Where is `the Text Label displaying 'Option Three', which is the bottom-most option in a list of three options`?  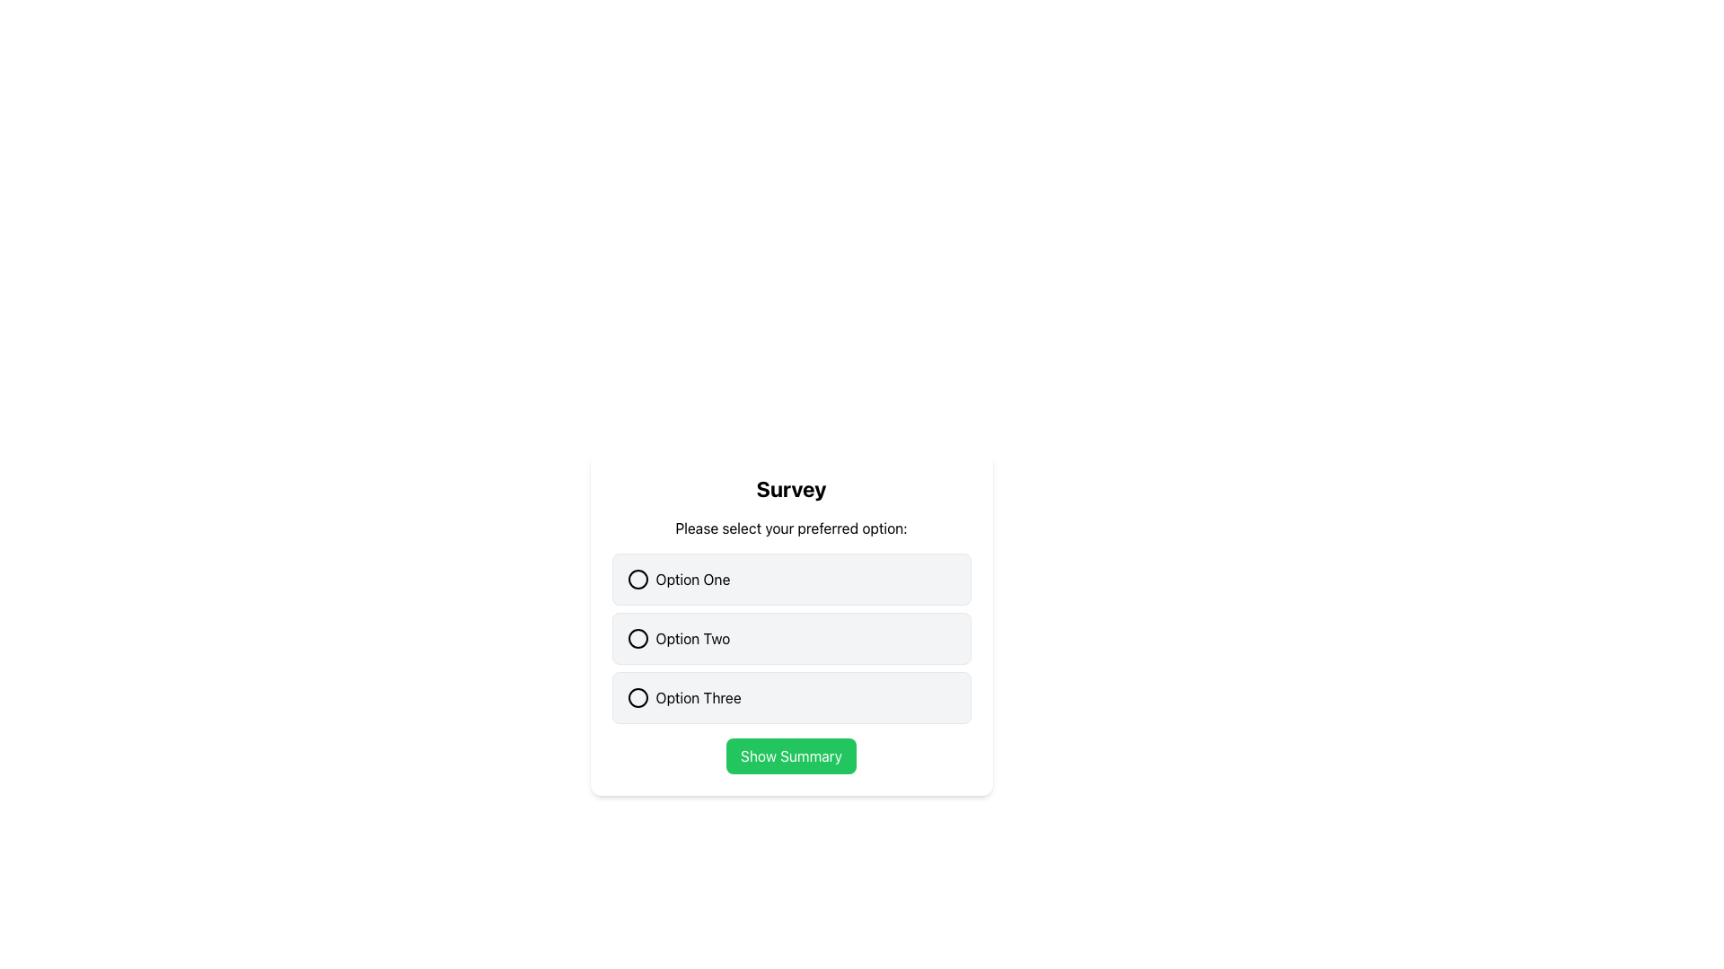 the Text Label displaying 'Option Three', which is the bottom-most option in a list of three options is located at coordinates (697, 697).